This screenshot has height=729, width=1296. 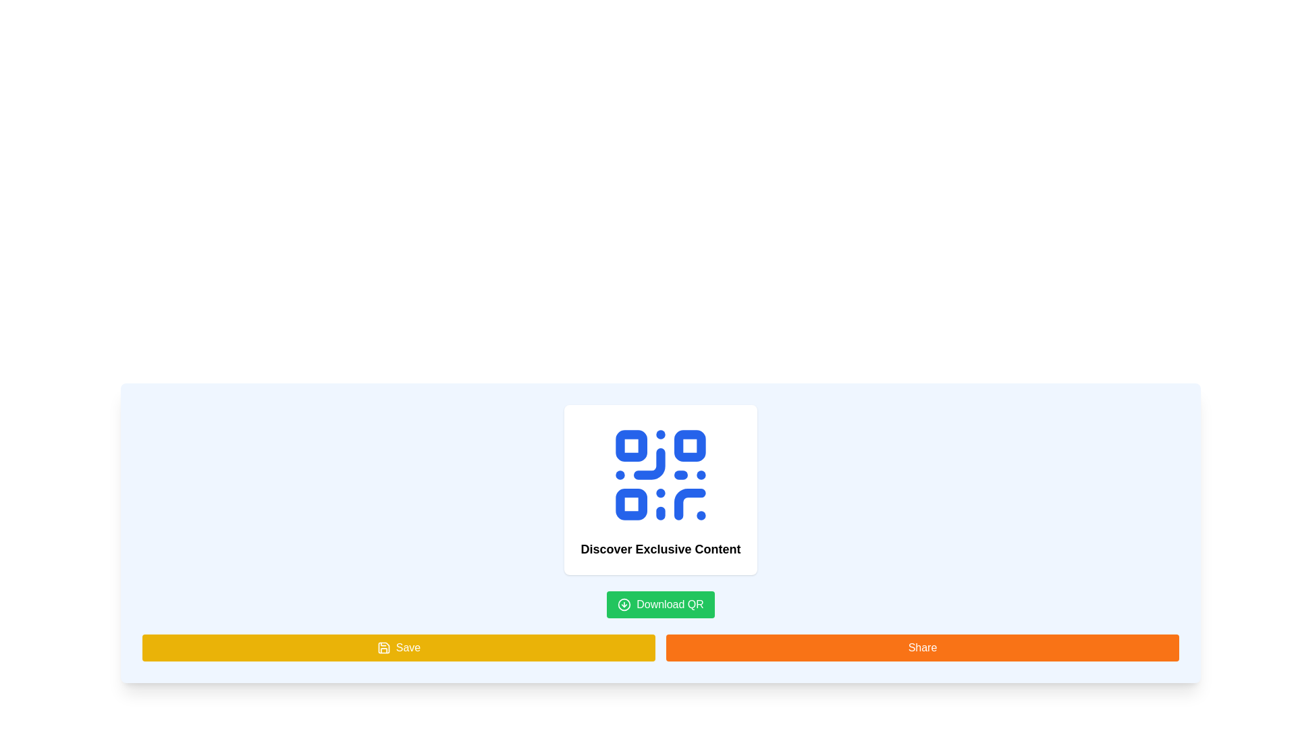 What do you see at coordinates (922, 647) in the screenshot?
I see `the share button located at the bottom of the interface, which is the second button from the left in a two-column grid layout` at bounding box center [922, 647].